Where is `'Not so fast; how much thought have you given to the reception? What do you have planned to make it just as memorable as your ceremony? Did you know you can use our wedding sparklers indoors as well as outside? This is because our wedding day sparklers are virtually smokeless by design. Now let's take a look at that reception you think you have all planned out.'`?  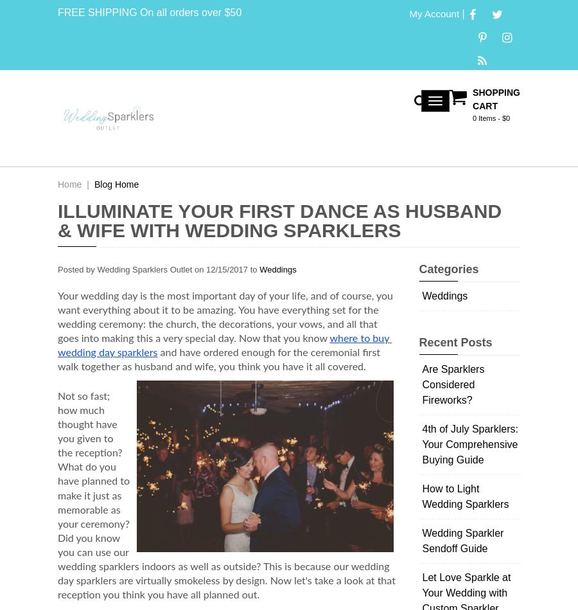 'Not so fast; how much thought have you given to the reception? What do you have planned to make it just as memorable as your ceremony? Did you know you can use our wedding sparklers indoors as well as outside? This is because our wedding day sparklers are virtually smokeless by design. Now let's take a look at that reception you think you have all planned out.' is located at coordinates (227, 495).